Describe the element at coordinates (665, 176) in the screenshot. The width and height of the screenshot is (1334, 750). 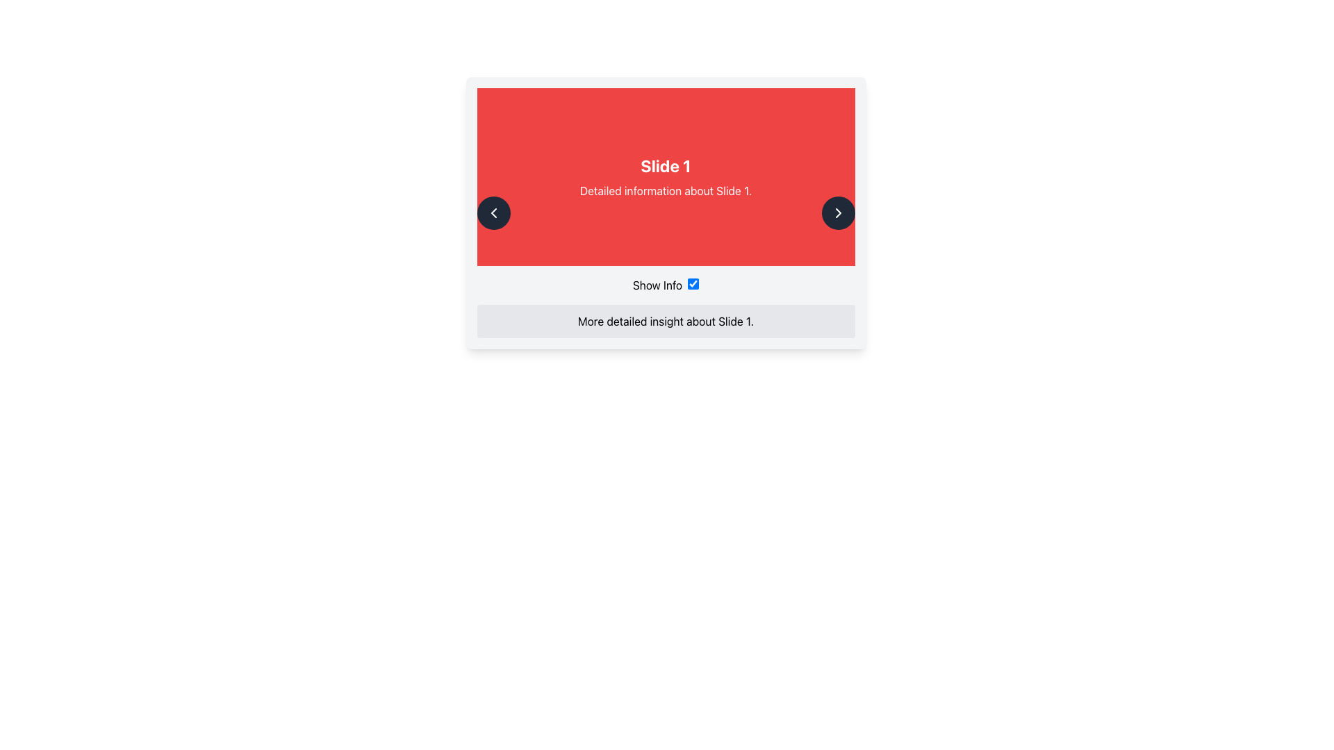
I see `the Slide Display element, which has a red background and contains the text 'Slide 1' and a detailed description below it` at that location.